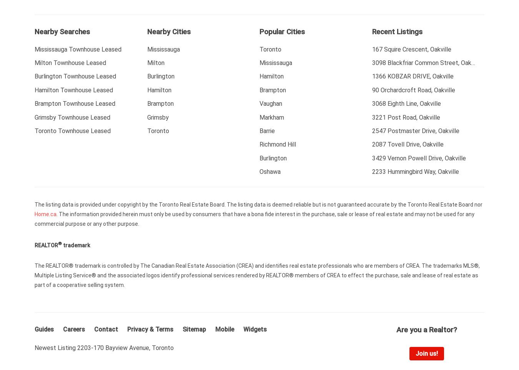 The width and height of the screenshot is (519, 370). I want to click on '3098 Blackfriar Common Street, Oakville', so click(426, 63).